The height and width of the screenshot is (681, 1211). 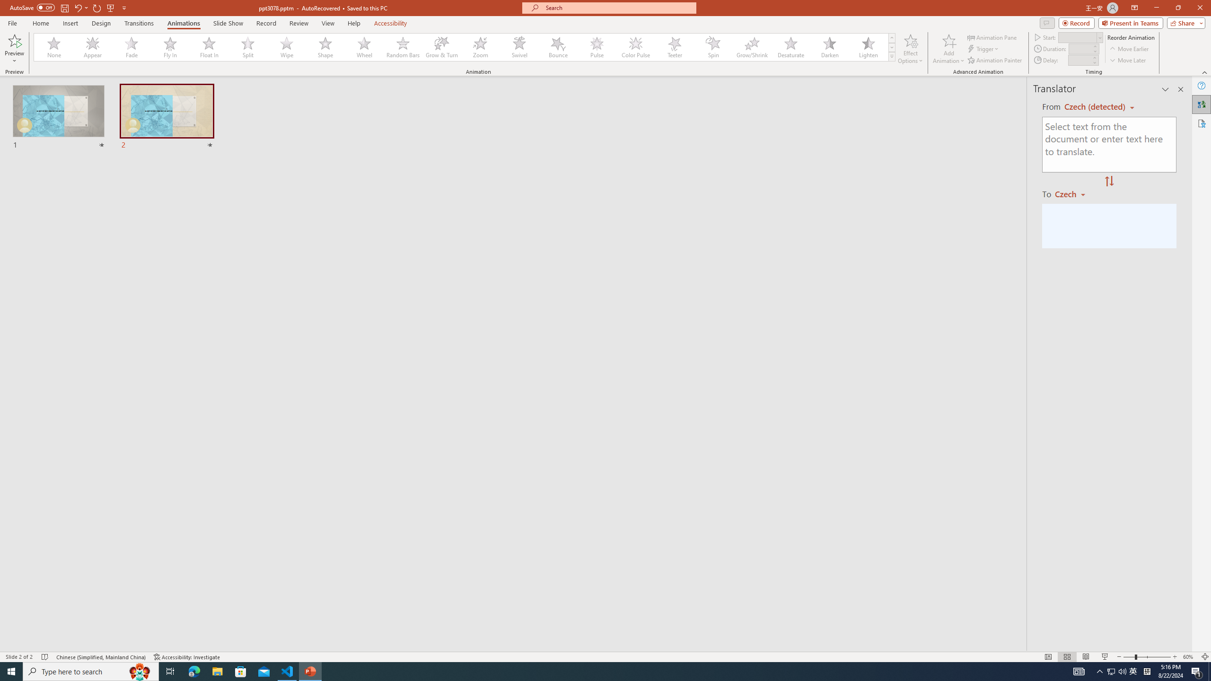 What do you see at coordinates (325, 47) in the screenshot?
I see `'Shape'` at bounding box center [325, 47].